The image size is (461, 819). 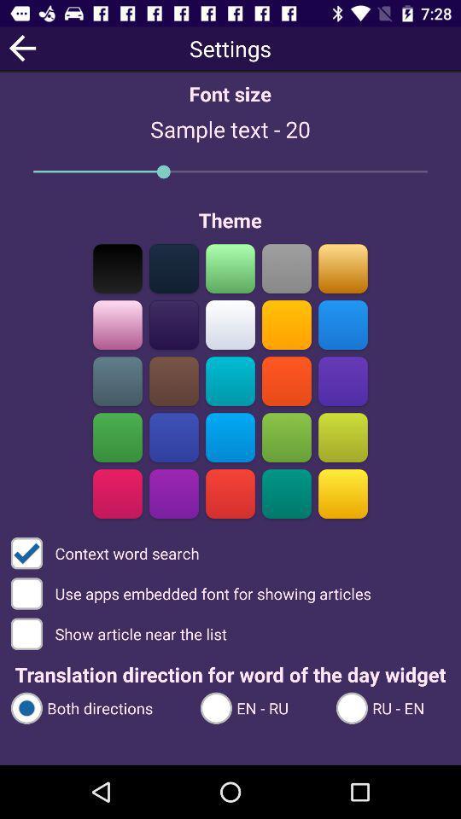 I want to click on color option, so click(x=230, y=380).